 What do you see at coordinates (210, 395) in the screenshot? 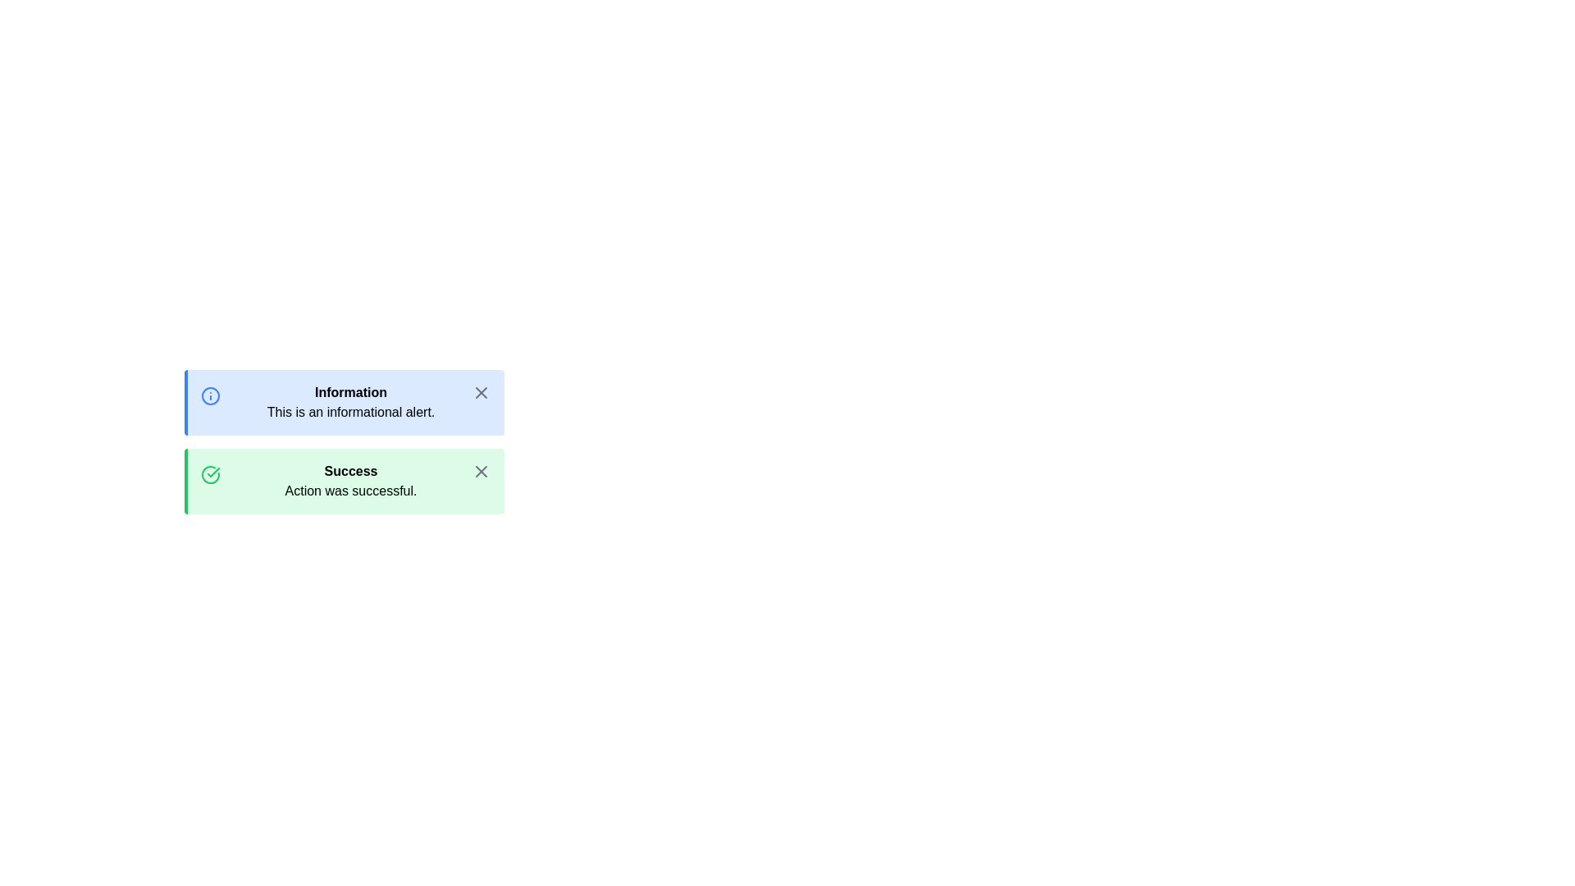
I see `the informational icon located at the top-left corner of the blue alert box titled 'Information'` at bounding box center [210, 395].